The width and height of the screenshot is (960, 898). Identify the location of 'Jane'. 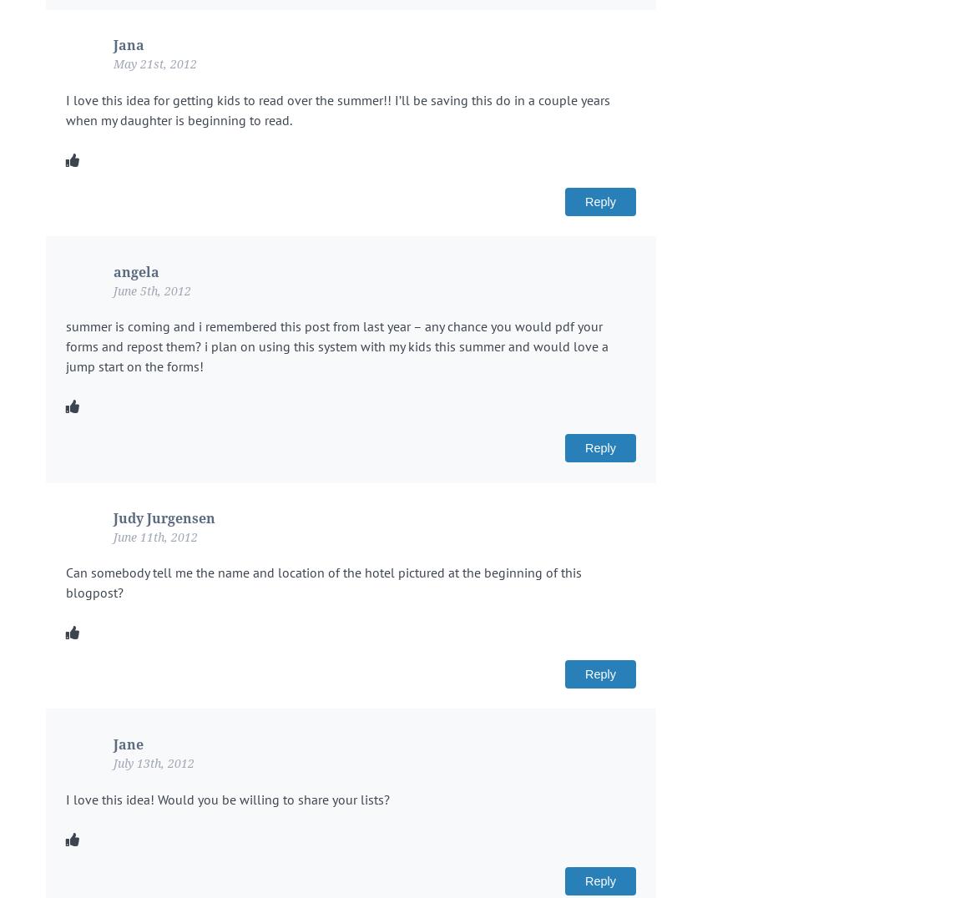
(127, 744).